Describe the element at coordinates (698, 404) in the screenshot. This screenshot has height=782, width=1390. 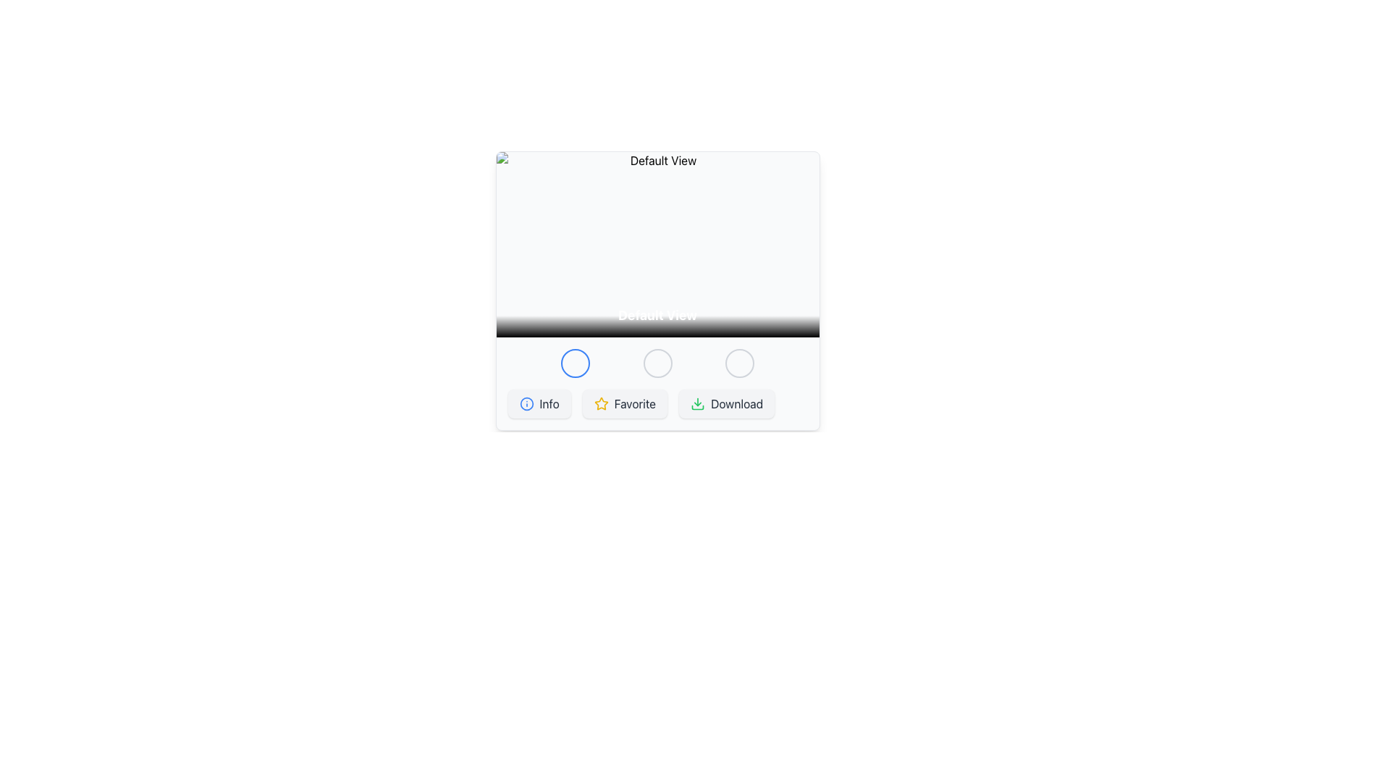
I see `the green download icon, which is an outlined arrow pointing downward, located inside the 'Download' button on the rightmost side of the button set` at that location.